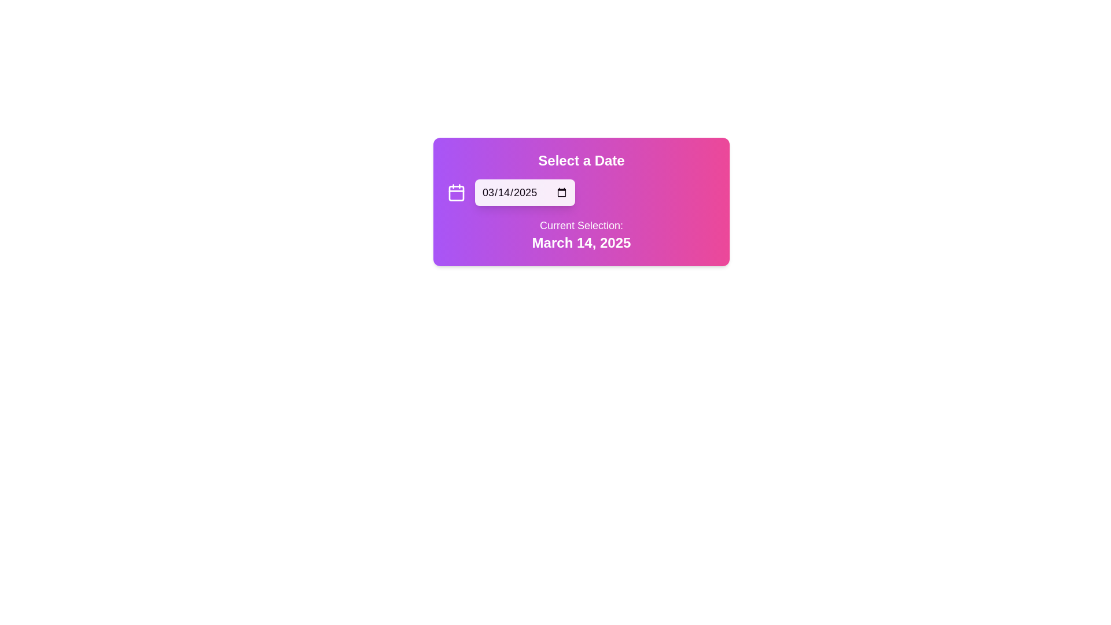  What do you see at coordinates (455, 192) in the screenshot?
I see `the appearance of the calendar icon, which is a white calendar icon with a square outline on a purple background, positioned to the left of the date input box and above the 'Current Selection' text` at bounding box center [455, 192].